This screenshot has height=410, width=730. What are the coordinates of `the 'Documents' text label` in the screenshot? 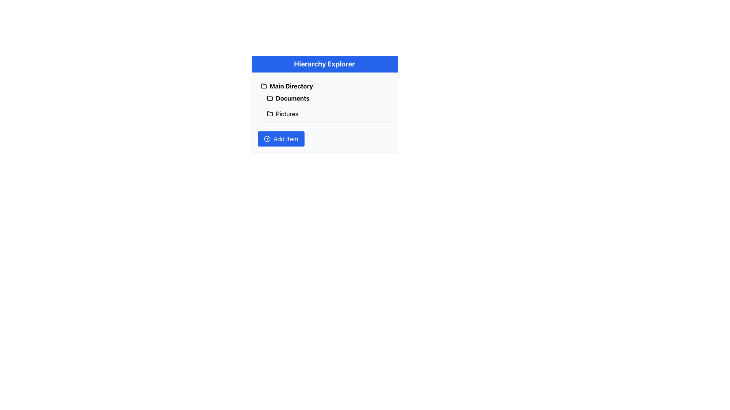 It's located at (292, 98).